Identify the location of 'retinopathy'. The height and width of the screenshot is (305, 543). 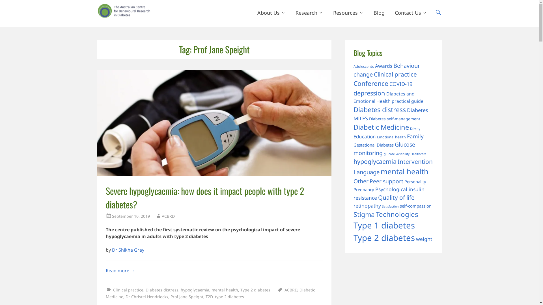
(367, 206).